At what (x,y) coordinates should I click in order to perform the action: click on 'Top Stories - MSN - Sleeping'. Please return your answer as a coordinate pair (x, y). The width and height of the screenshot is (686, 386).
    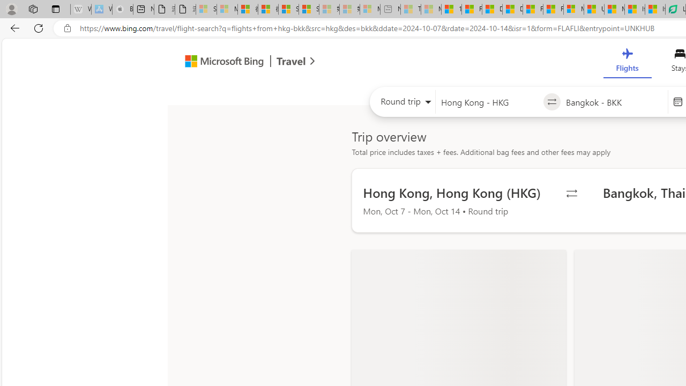
    Looking at the image, I should click on (410, 9).